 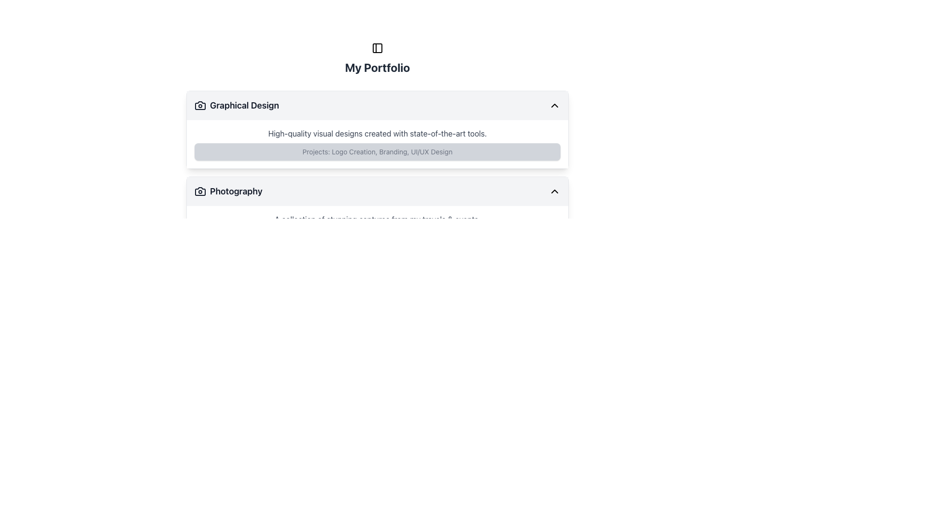 What do you see at coordinates (377, 134) in the screenshot?
I see `and comprehend the text label that states 'High-quality visual designs created with state-of-the-art tools.' located beneath the heading 'Graphical Design.'` at bounding box center [377, 134].